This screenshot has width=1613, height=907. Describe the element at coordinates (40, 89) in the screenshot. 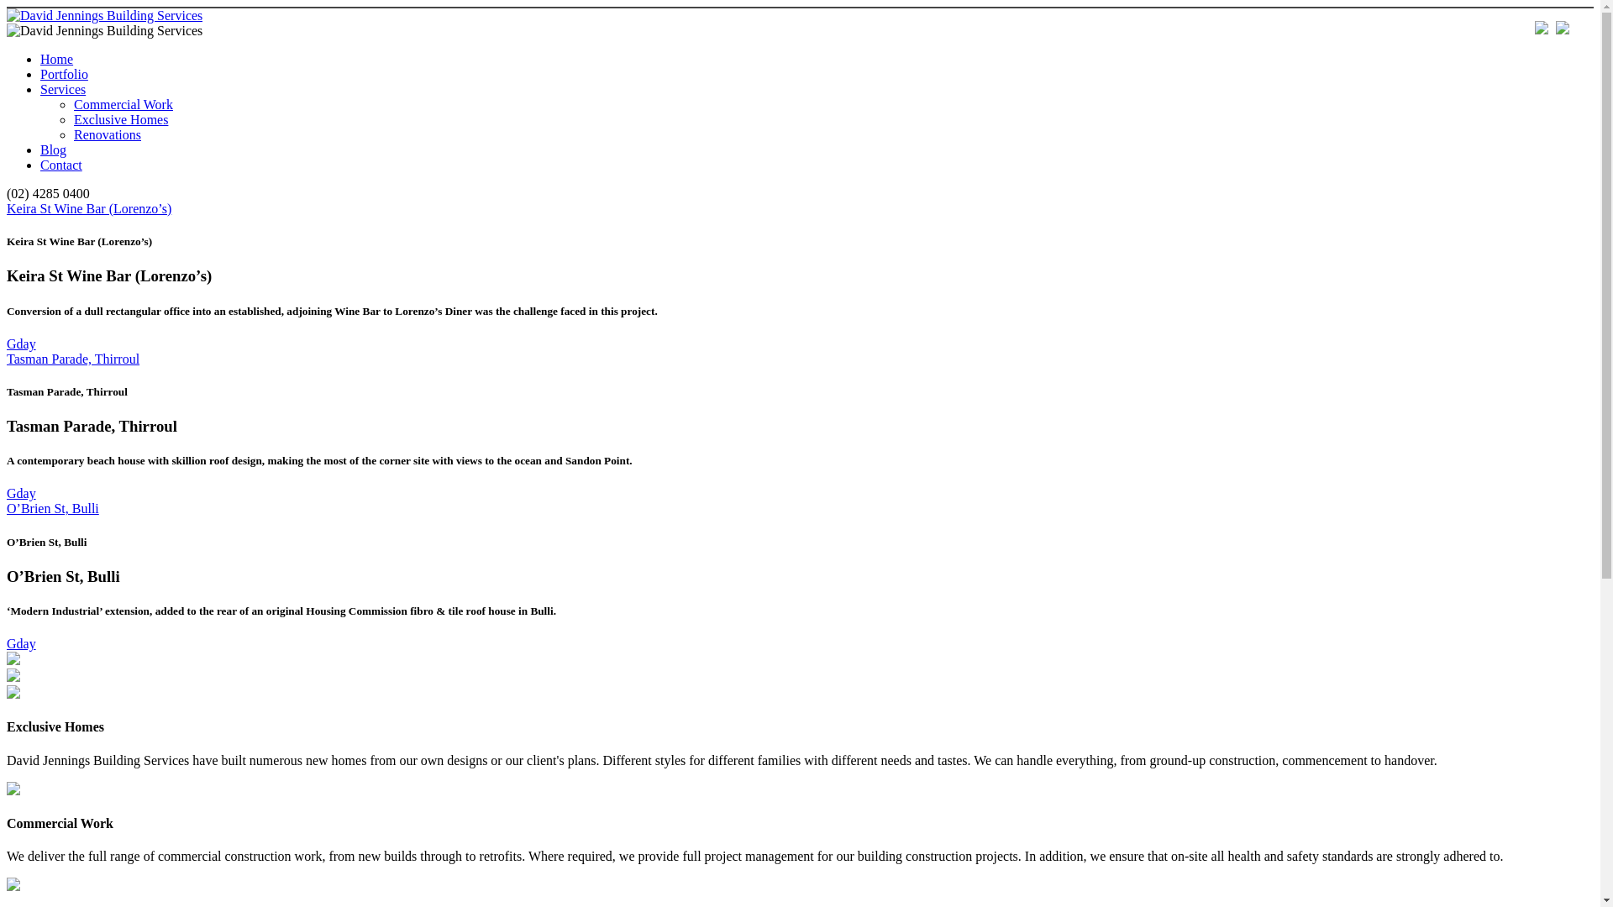

I see `'Services'` at that location.